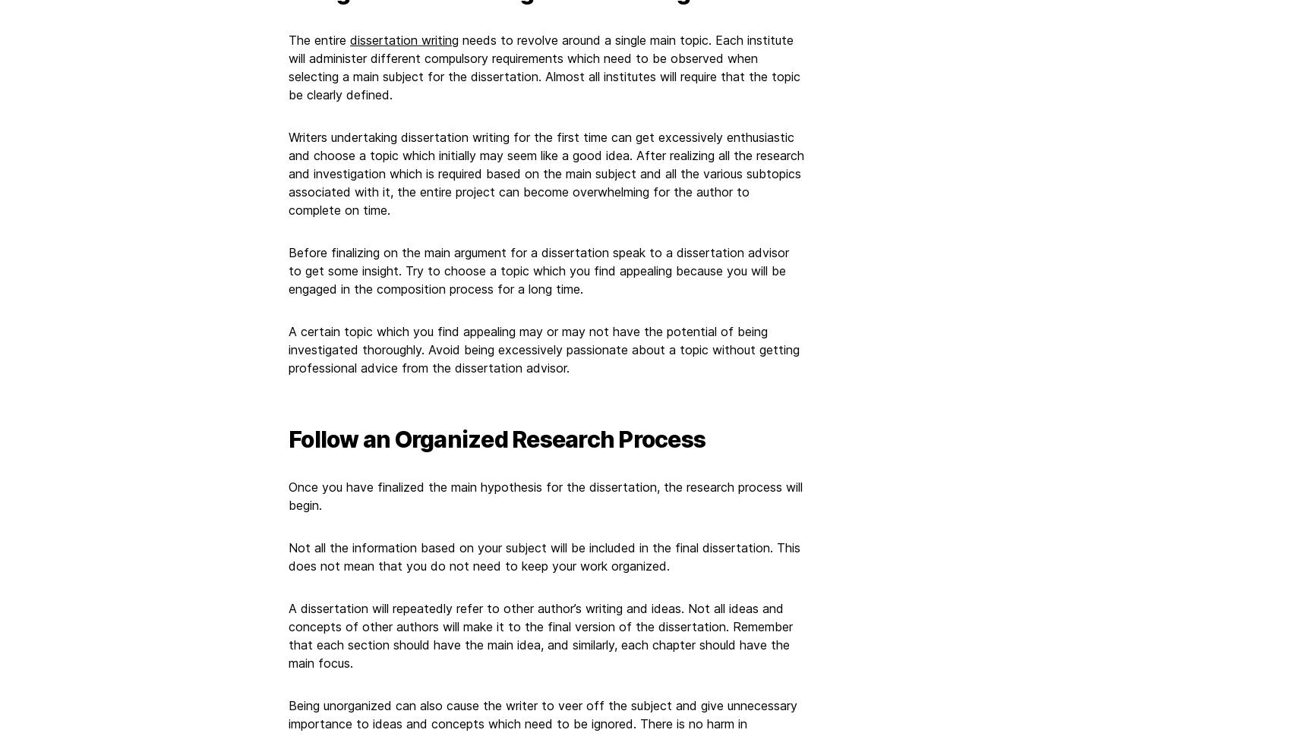 This screenshot has height=736, width=1291. What do you see at coordinates (497, 438) in the screenshot?
I see `'Follow an Organized Research Process'` at bounding box center [497, 438].